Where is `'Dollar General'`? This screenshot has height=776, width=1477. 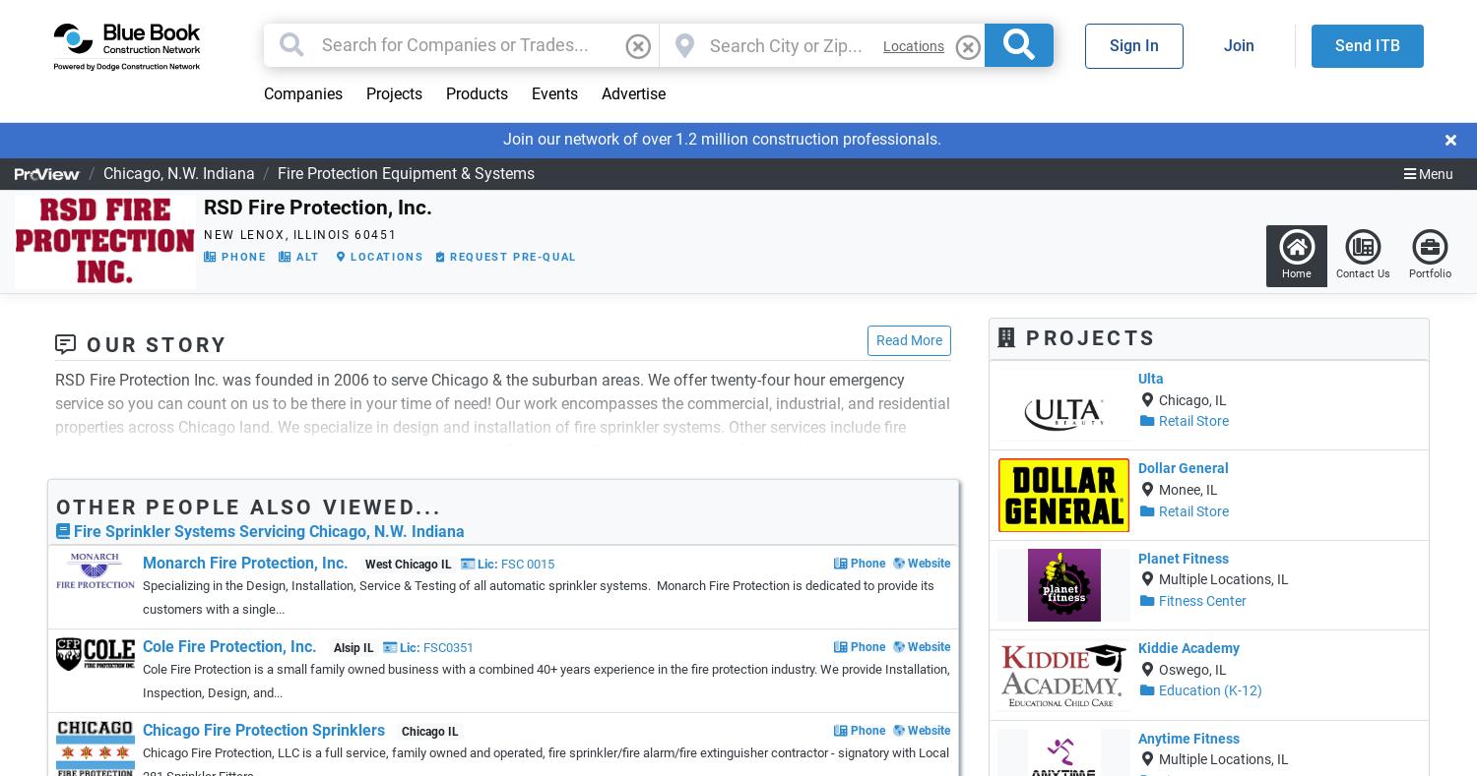
'Dollar General' is located at coordinates (1182, 467).